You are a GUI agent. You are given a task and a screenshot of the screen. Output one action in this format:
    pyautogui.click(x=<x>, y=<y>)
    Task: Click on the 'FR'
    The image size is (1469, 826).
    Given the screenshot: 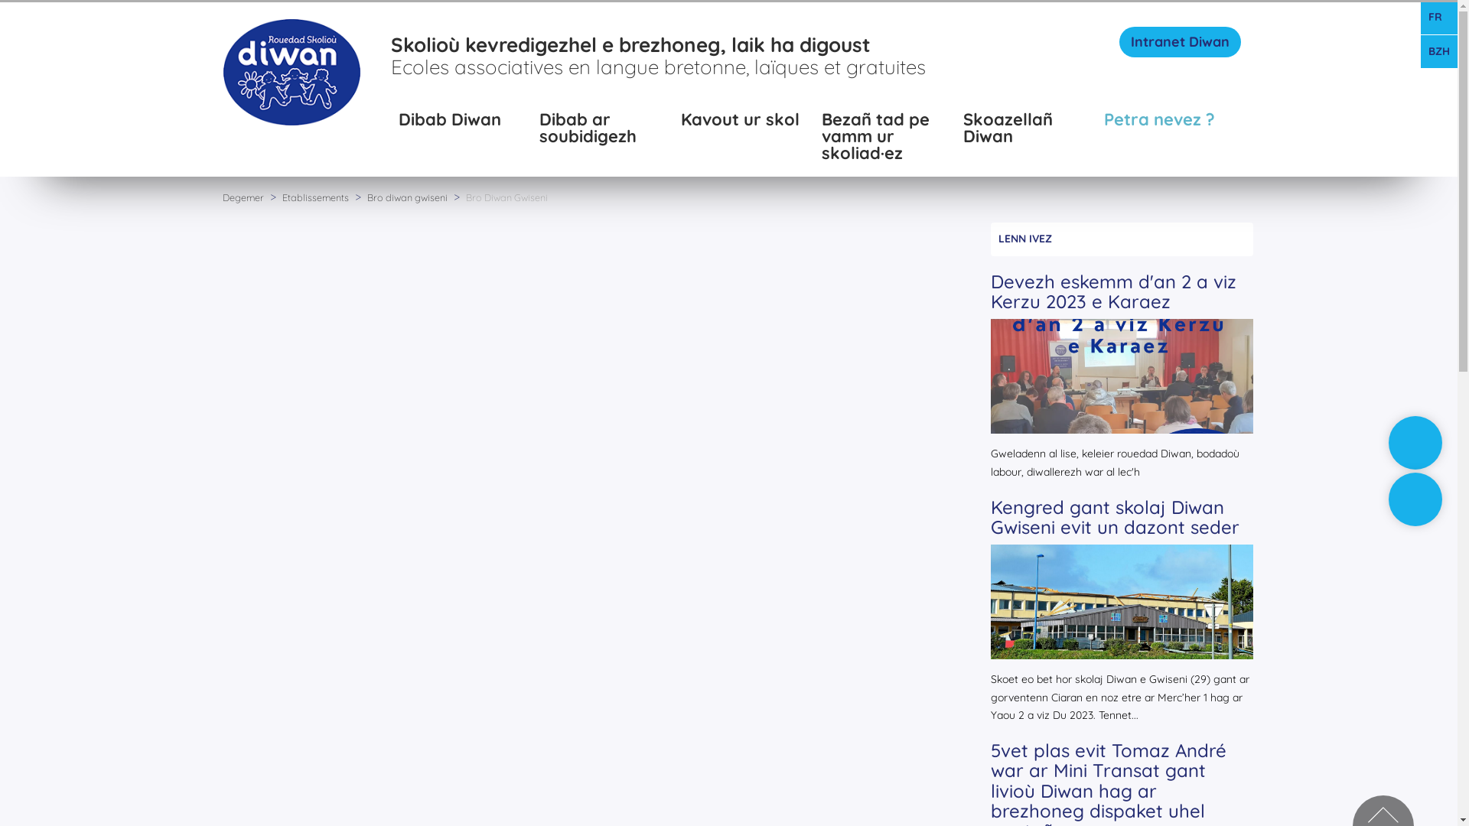 What is the action you would take?
    pyautogui.click(x=1438, y=18)
    